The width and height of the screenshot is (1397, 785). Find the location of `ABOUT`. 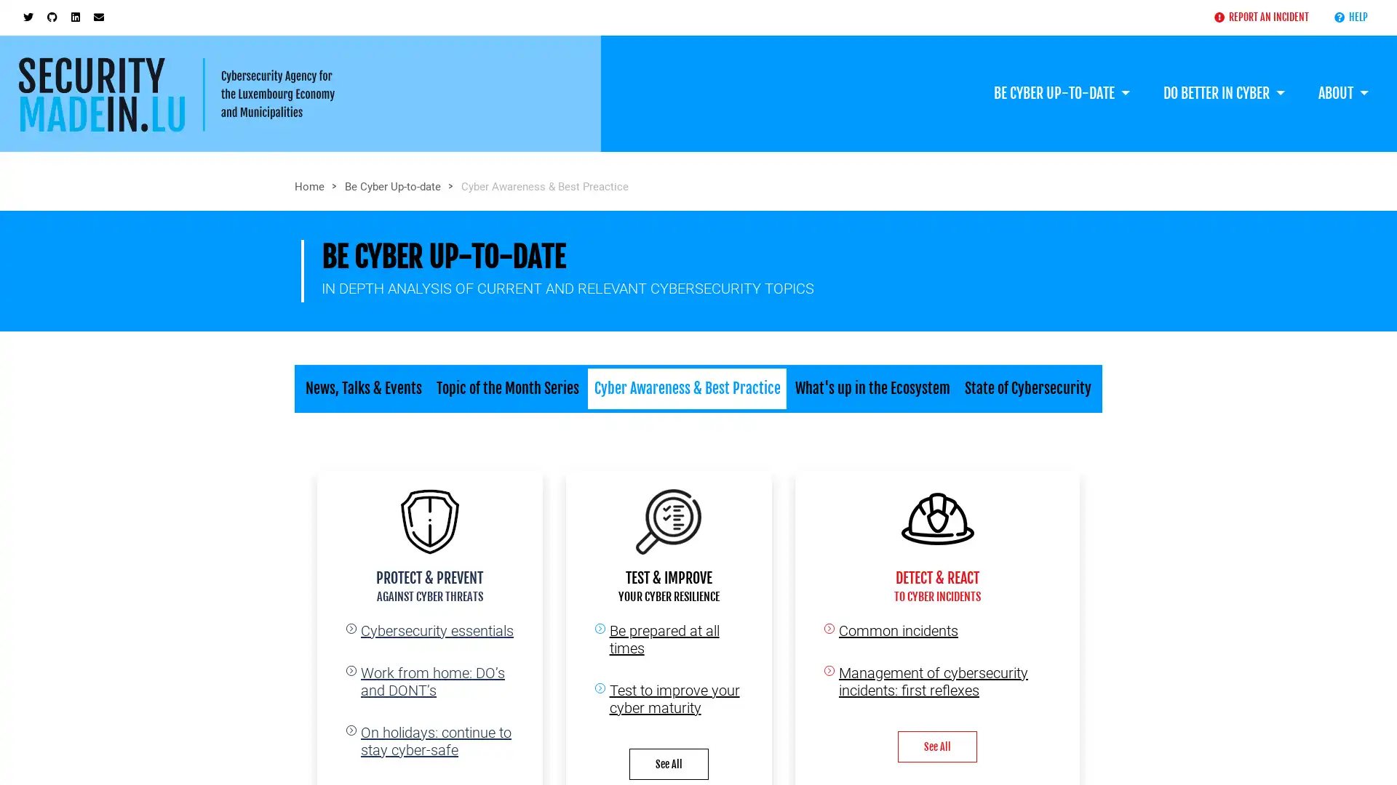

ABOUT is located at coordinates (1342, 78).